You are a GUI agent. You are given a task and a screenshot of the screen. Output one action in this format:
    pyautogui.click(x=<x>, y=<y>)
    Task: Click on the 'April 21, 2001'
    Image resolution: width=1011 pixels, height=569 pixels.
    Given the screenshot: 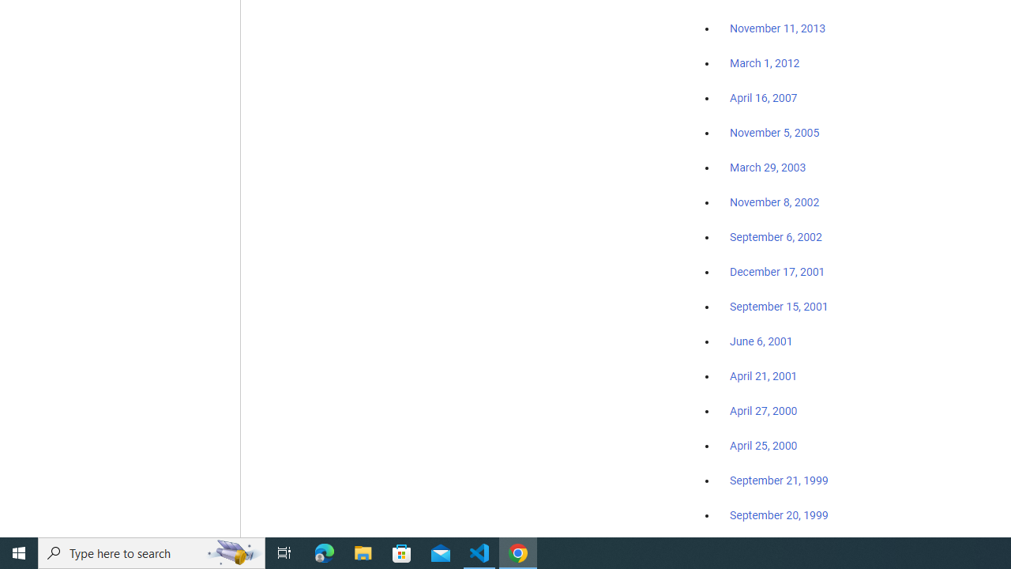 What is the action you would take?
    pyautogui.click(x=764, y=376)
    